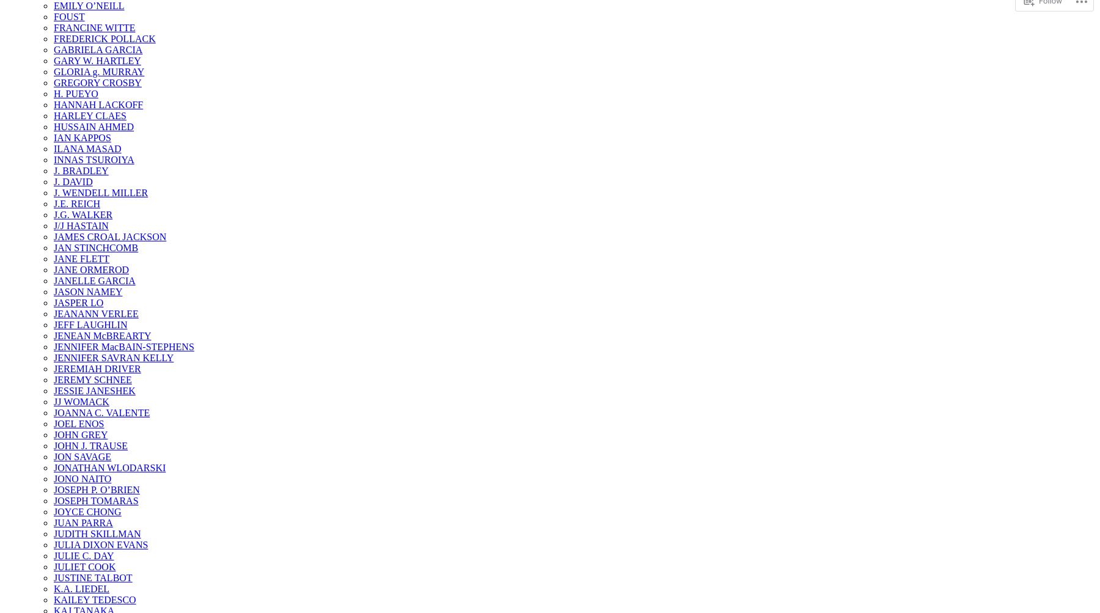  Describe the element at coordinates (82, 138) in the screenshot. I see `'IAN KAPPOS'` at that location.